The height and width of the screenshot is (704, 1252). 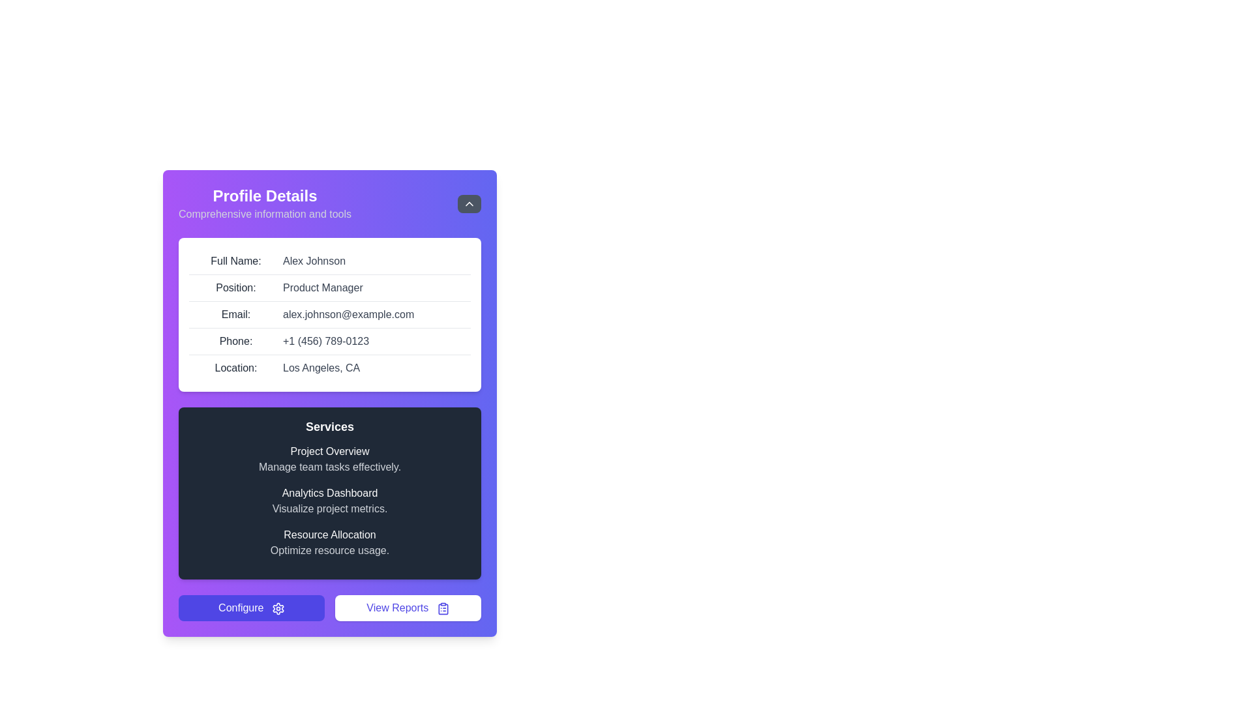 What do you see at coordinates (323, 287) in the screenshot?
I see `the static text element displaying the user's professional designation 'Product Manager', which is located to the right of the label 'Position:' in the profile details section` at bounding box center [323, 287].